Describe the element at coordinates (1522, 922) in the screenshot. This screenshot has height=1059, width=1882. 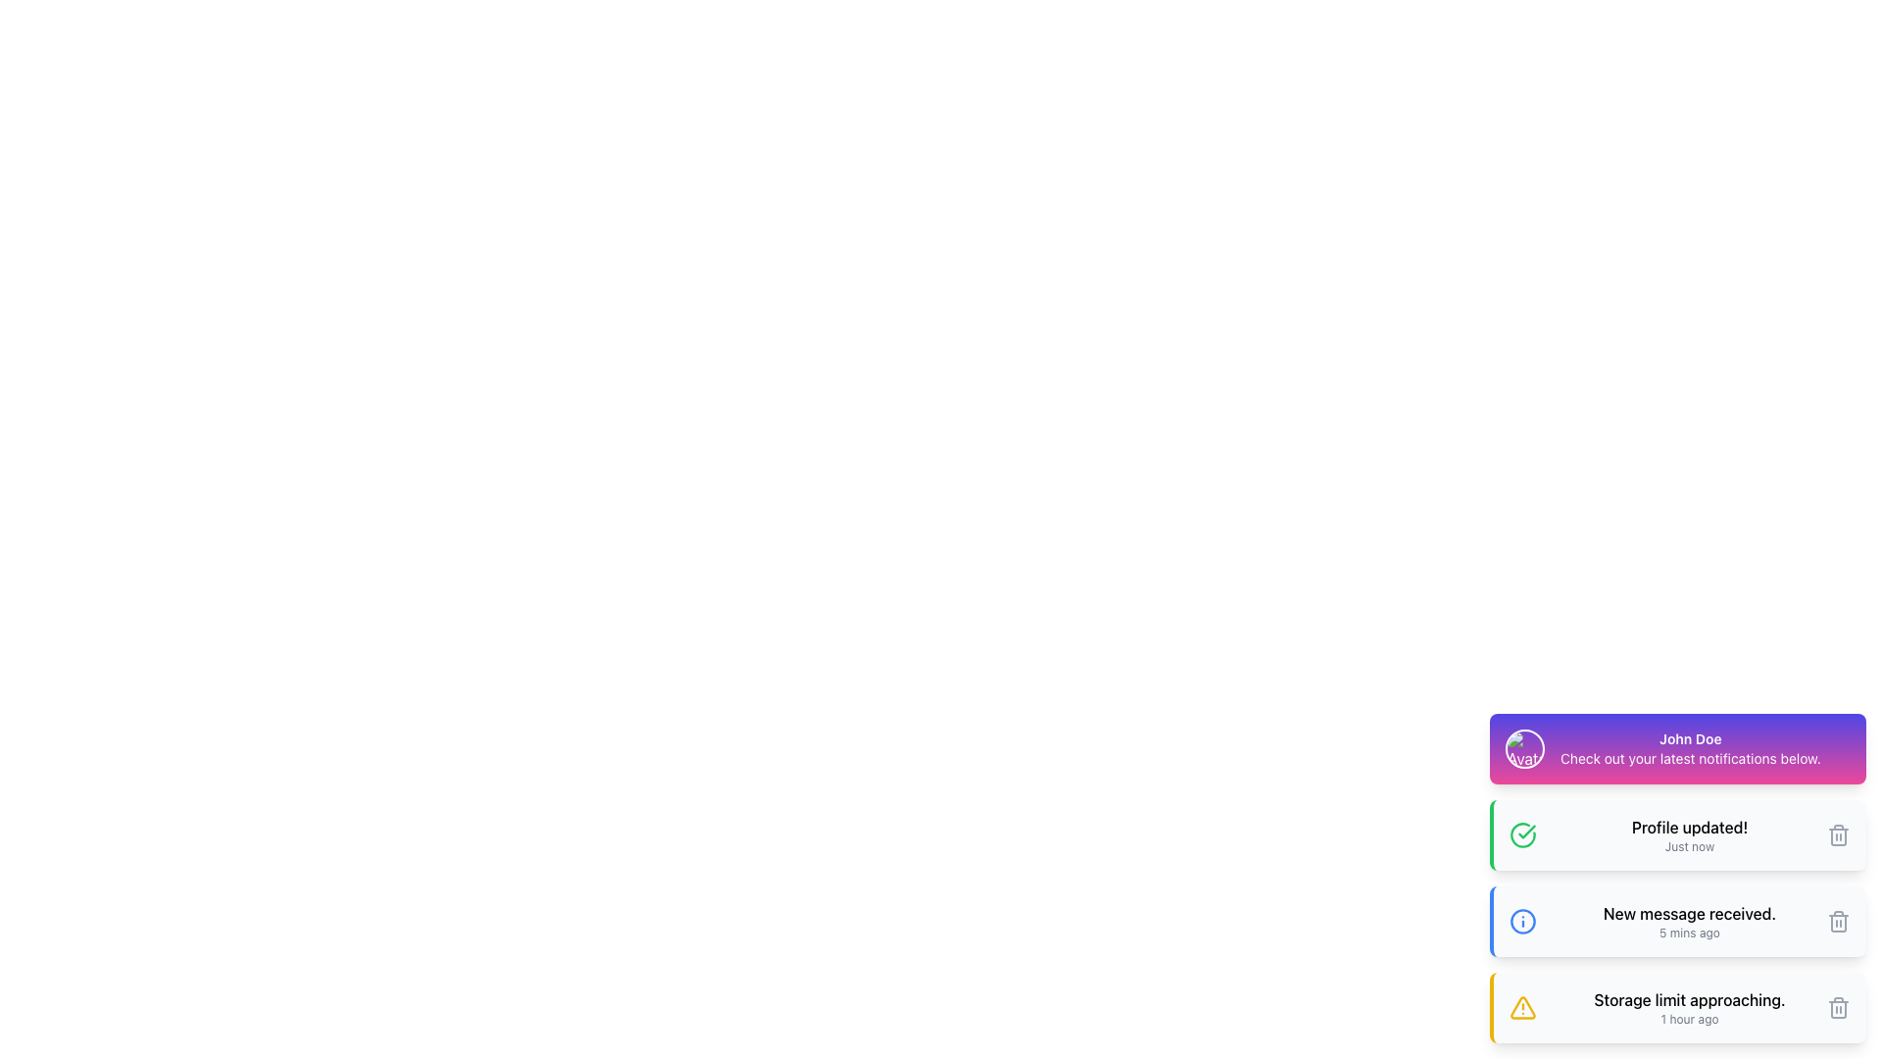
I see `the Circular Graphic Icon indicating a notification within the 'New message received' card` at that location.